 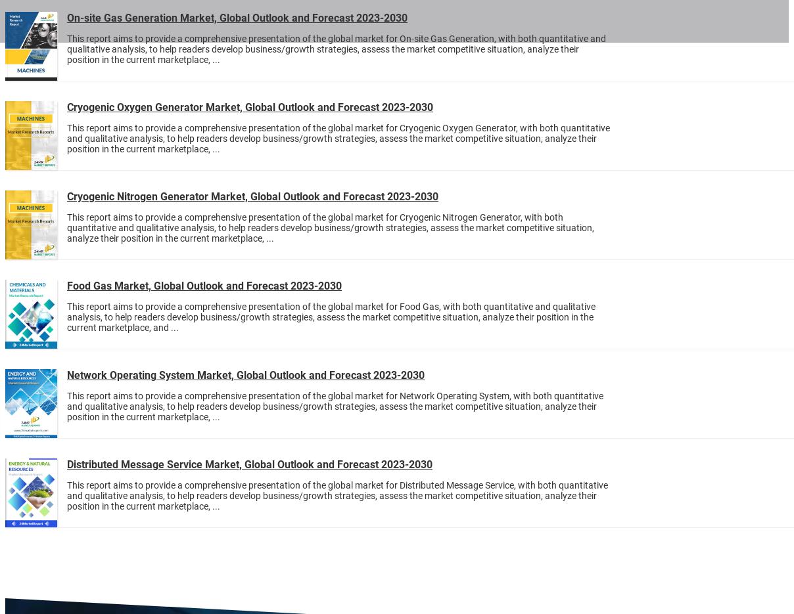 What do you see at coordinates (236, 17) in the screenshot?
I see `'On-site Gas Generation Market, Global Outlook and Forecast 2023-2030'` at bounding box center [236, 17].